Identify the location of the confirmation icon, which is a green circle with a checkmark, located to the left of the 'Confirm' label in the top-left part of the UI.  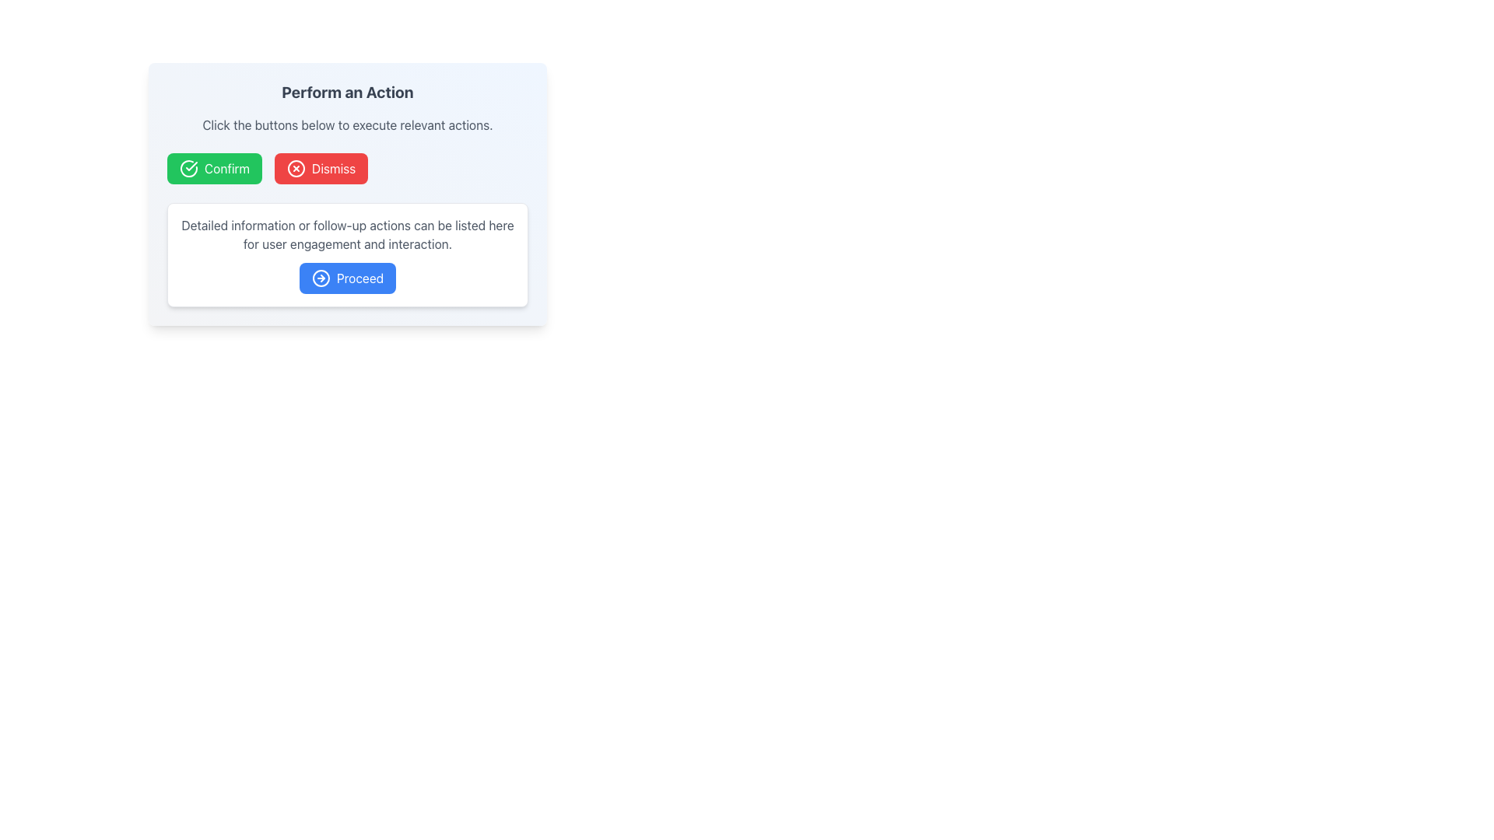
(188, 168).